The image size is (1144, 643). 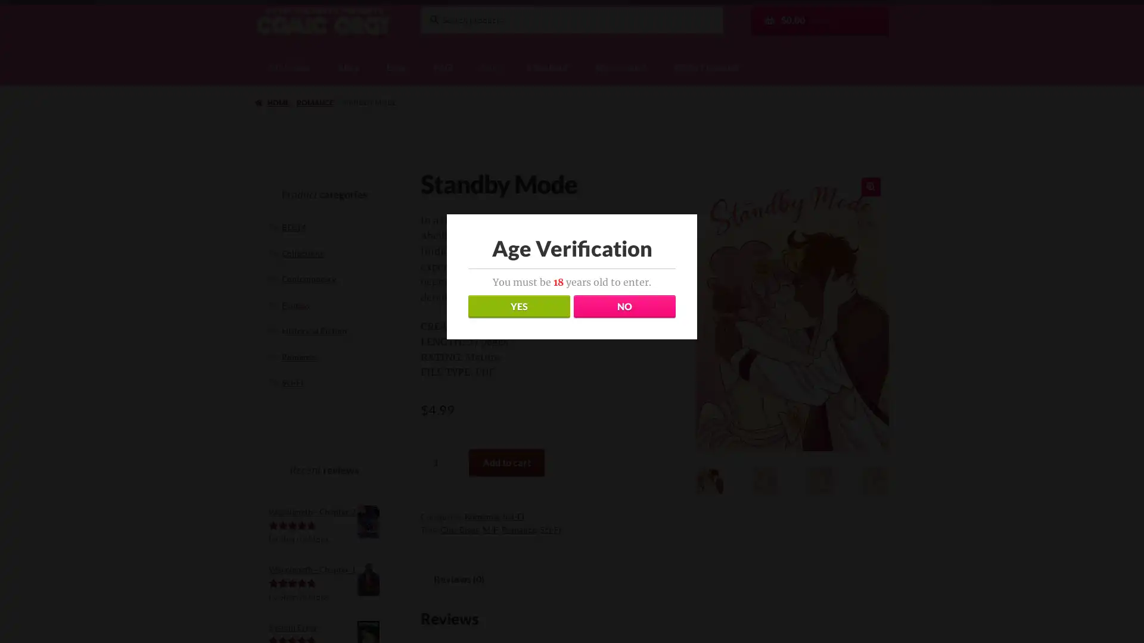 What do you see at coordinates (419, 5) in the screenshot?
I see `Search` at bounding box center [419, 5].